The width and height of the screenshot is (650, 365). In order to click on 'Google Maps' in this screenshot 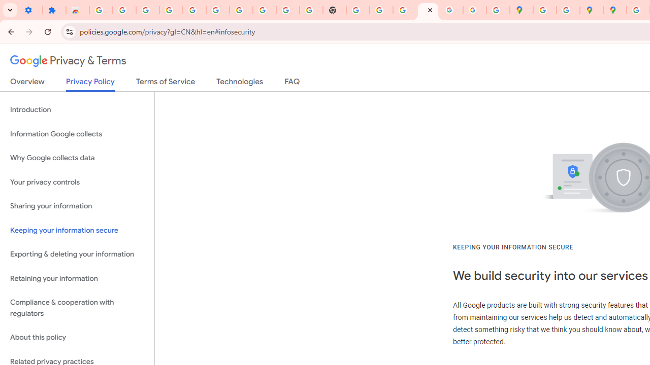, I will do `click(521, 10)`.